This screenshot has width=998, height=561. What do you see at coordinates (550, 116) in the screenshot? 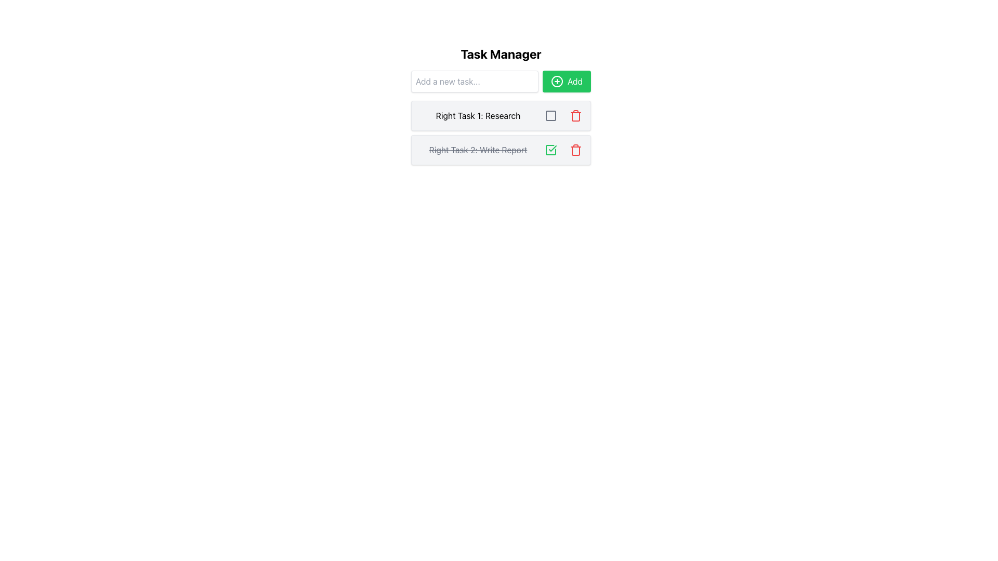
I see `the interactive checkbox located within the task list item labeled 'Right Task 1: Research'` at bounding box center [550, 116].